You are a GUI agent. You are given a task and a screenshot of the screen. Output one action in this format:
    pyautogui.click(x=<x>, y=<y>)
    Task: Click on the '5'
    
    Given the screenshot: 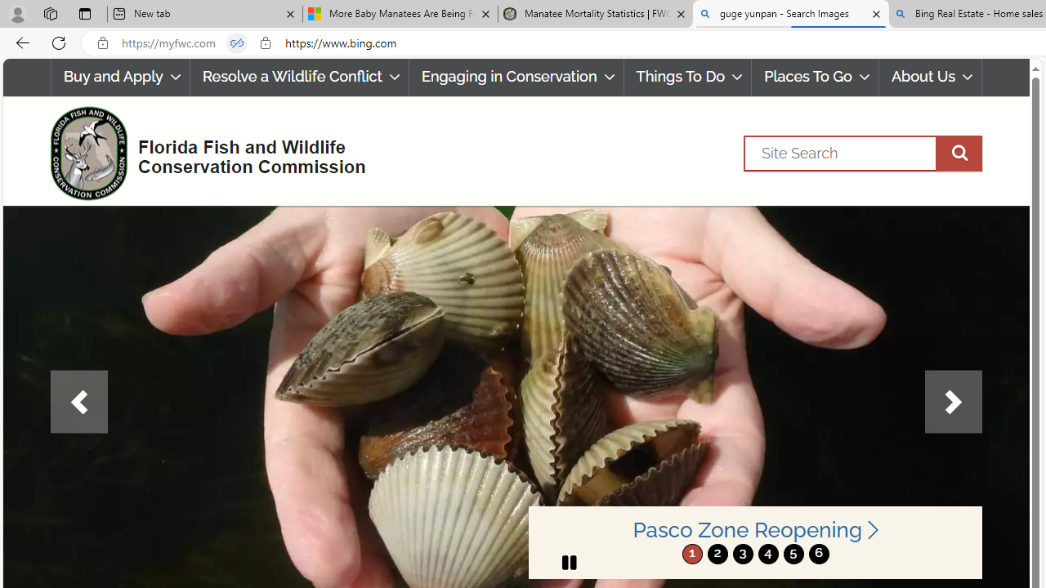 What is the action you would take?
    pyautogui.click(x=793, y=553)
    